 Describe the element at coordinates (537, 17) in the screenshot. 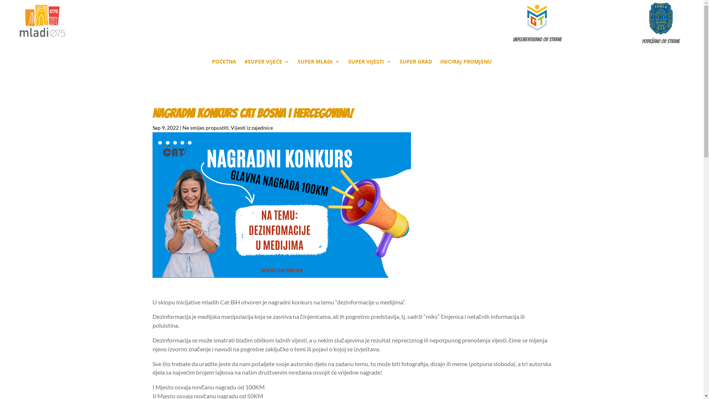

I see `'gvt-logo'` at that location.